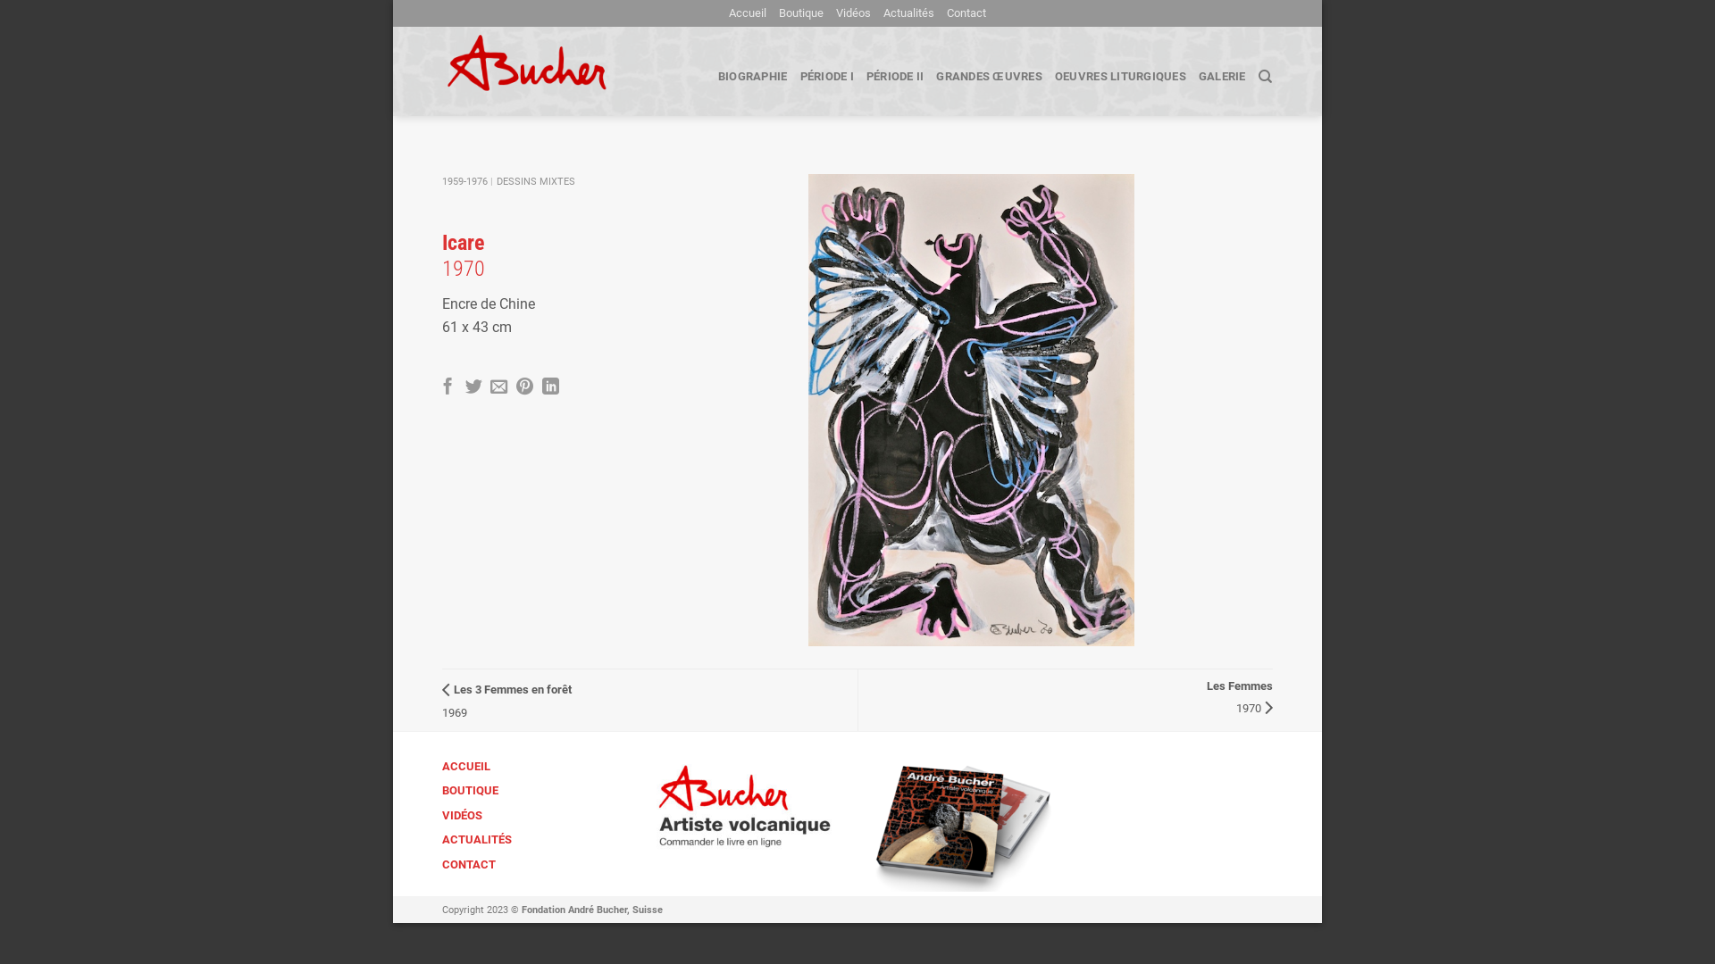 This screenshot has height=964, width=1715. Describe the element at coordinates (729, 13) in the screenshot. I see `'Accueil'` at that location.